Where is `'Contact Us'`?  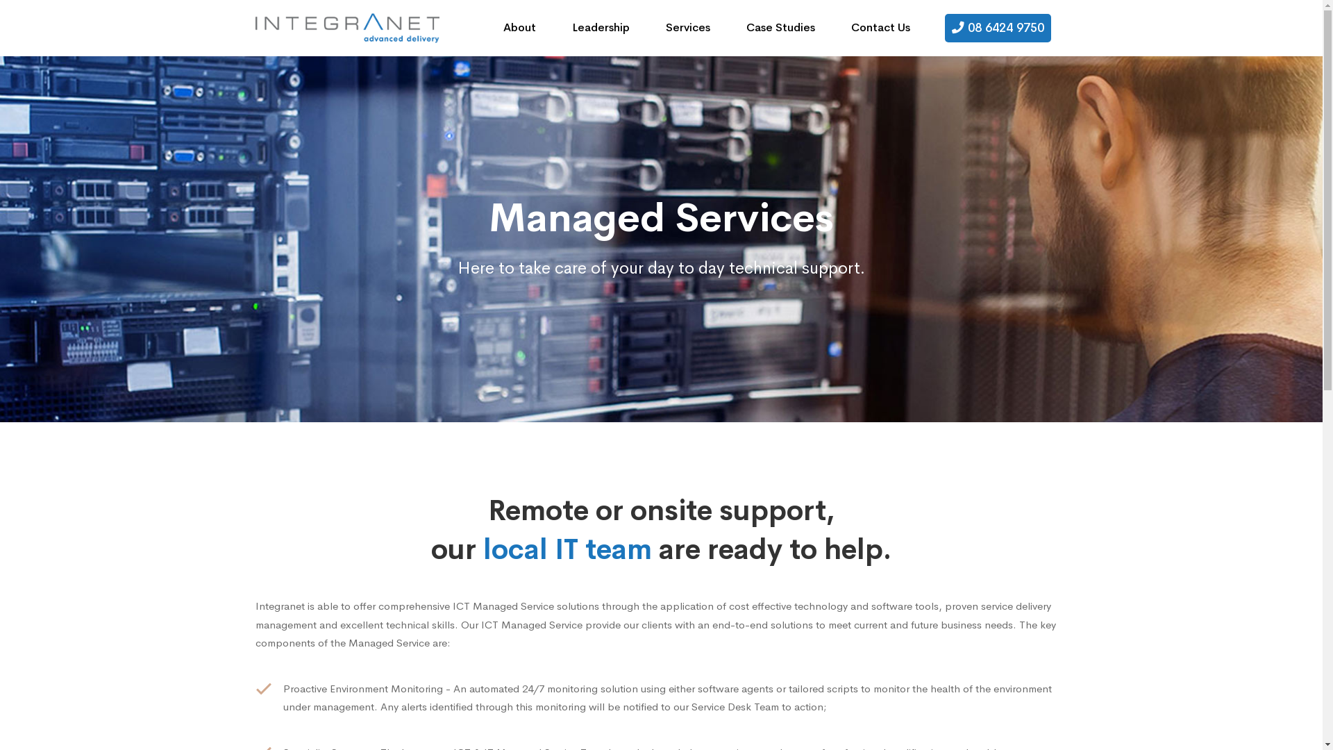
'Contact Us' is located at coordinates (880, 28).